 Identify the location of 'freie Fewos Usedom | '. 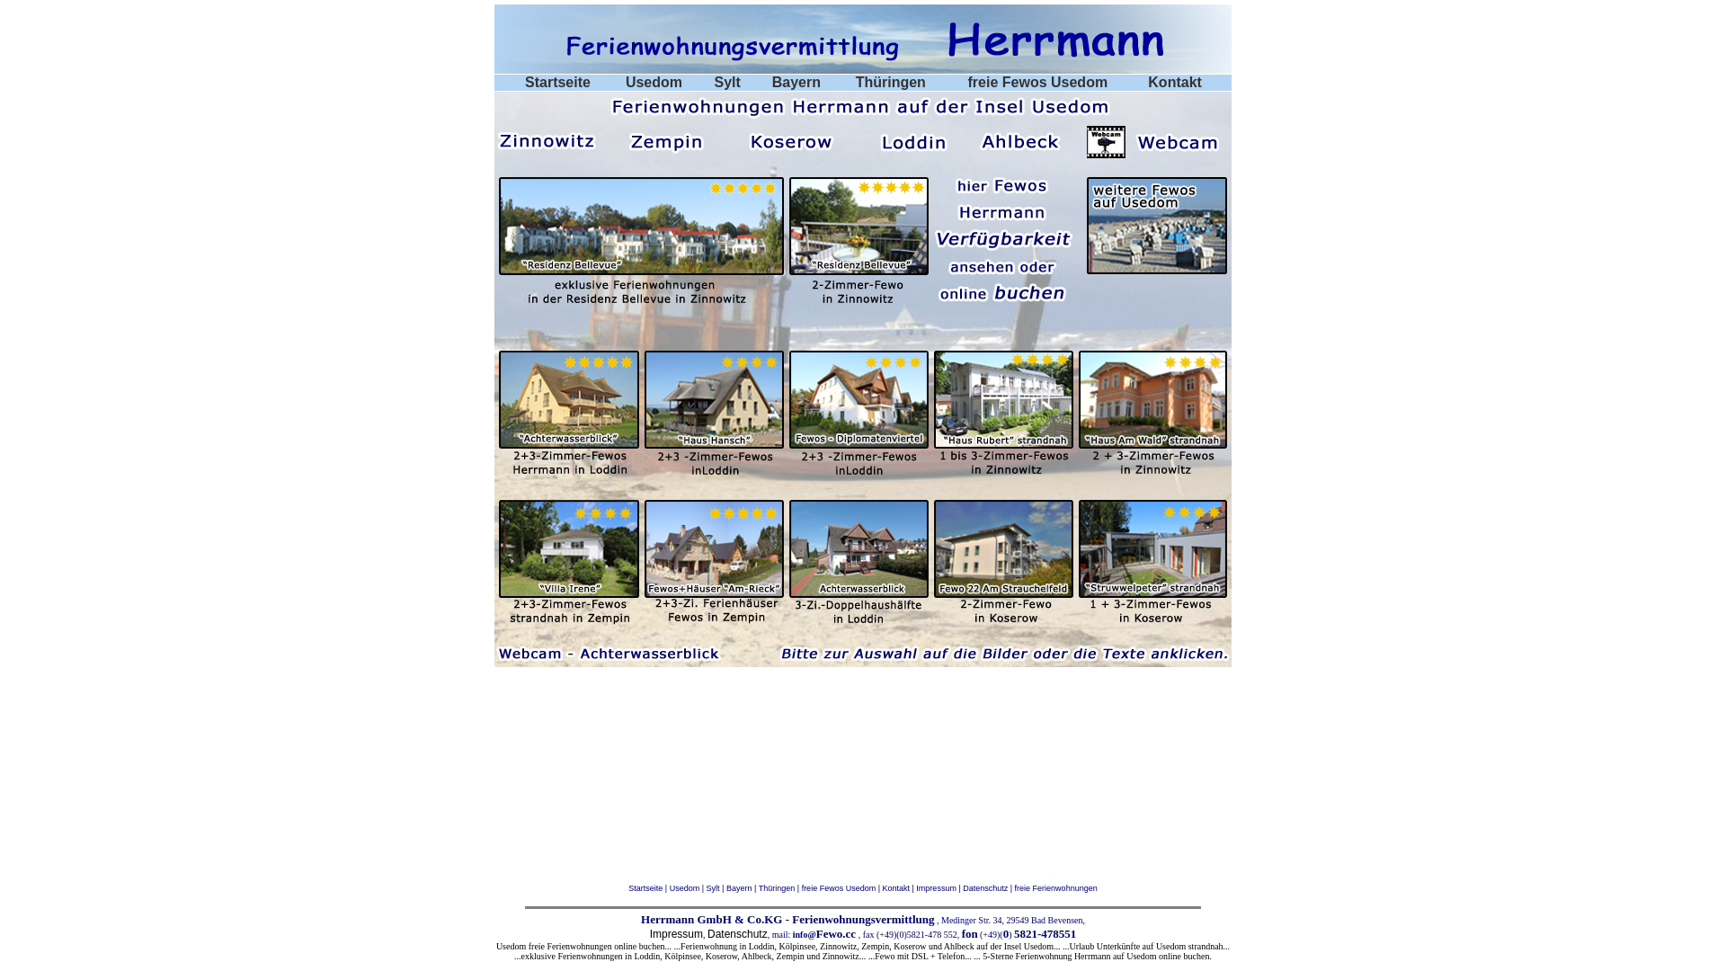
(841, 886).